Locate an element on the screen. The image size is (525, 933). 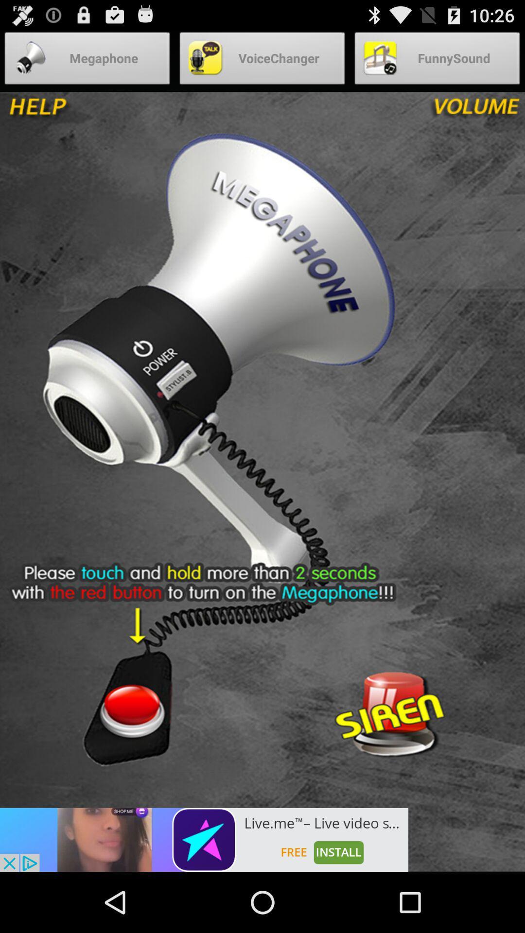
turn on megaphone option is located at coordinates (131, 710).